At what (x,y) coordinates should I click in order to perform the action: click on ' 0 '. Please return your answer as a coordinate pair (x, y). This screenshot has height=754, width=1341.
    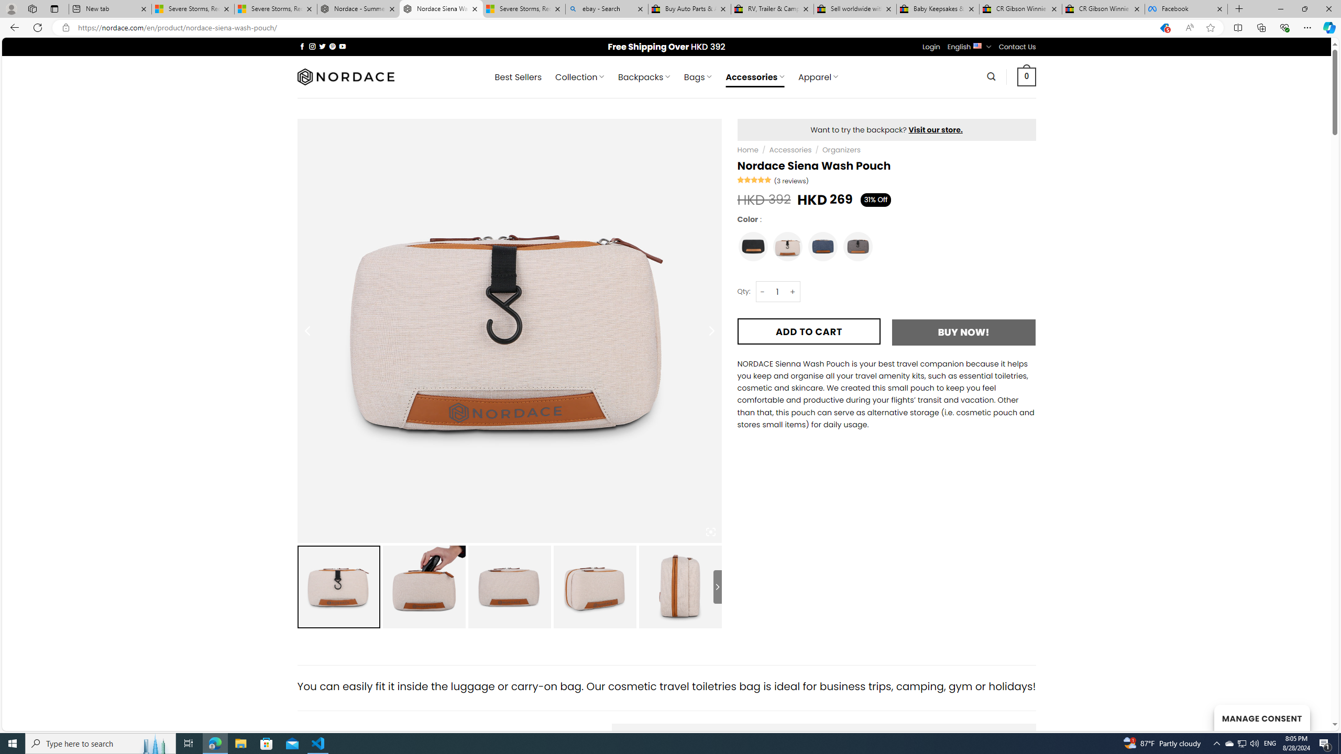
    Looking at the image, I should click on (1027, 76).